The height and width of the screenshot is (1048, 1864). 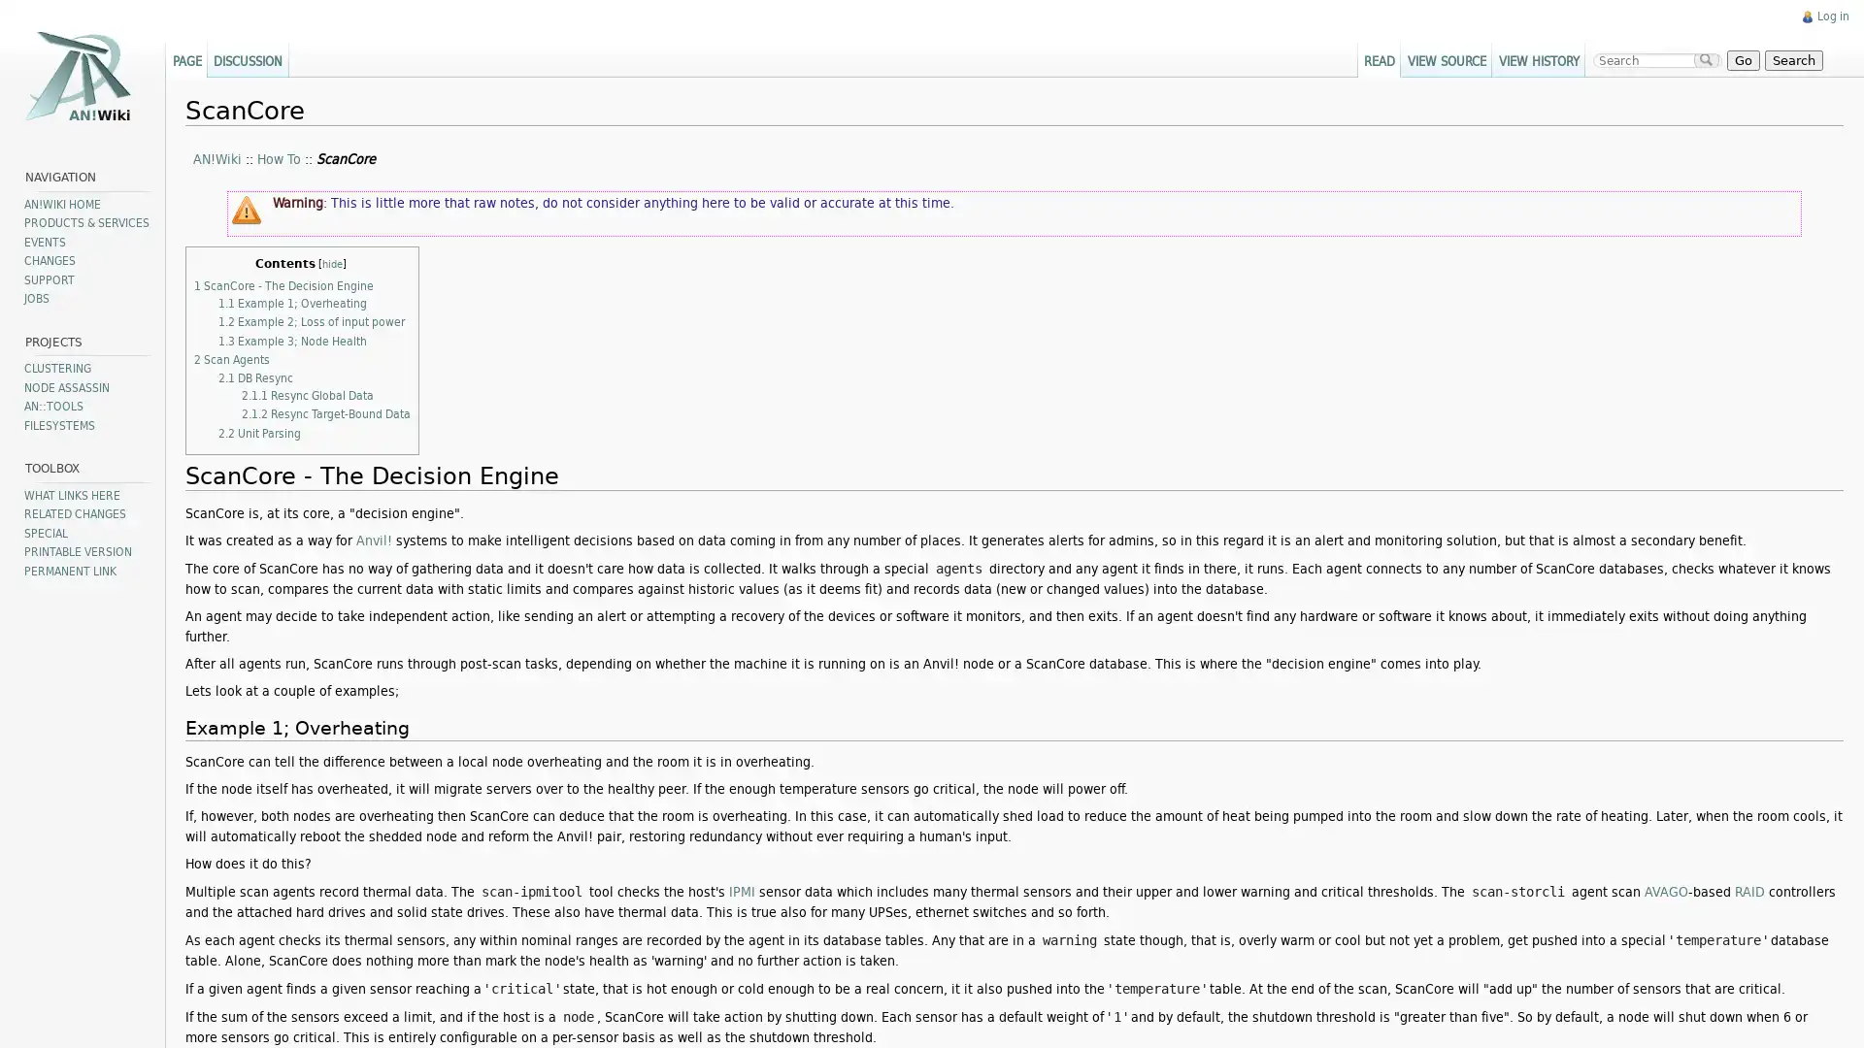 What do you see at coordinates (1789, 58) in the screenshot?
I see `Search` at bounding box center [1789, 58].